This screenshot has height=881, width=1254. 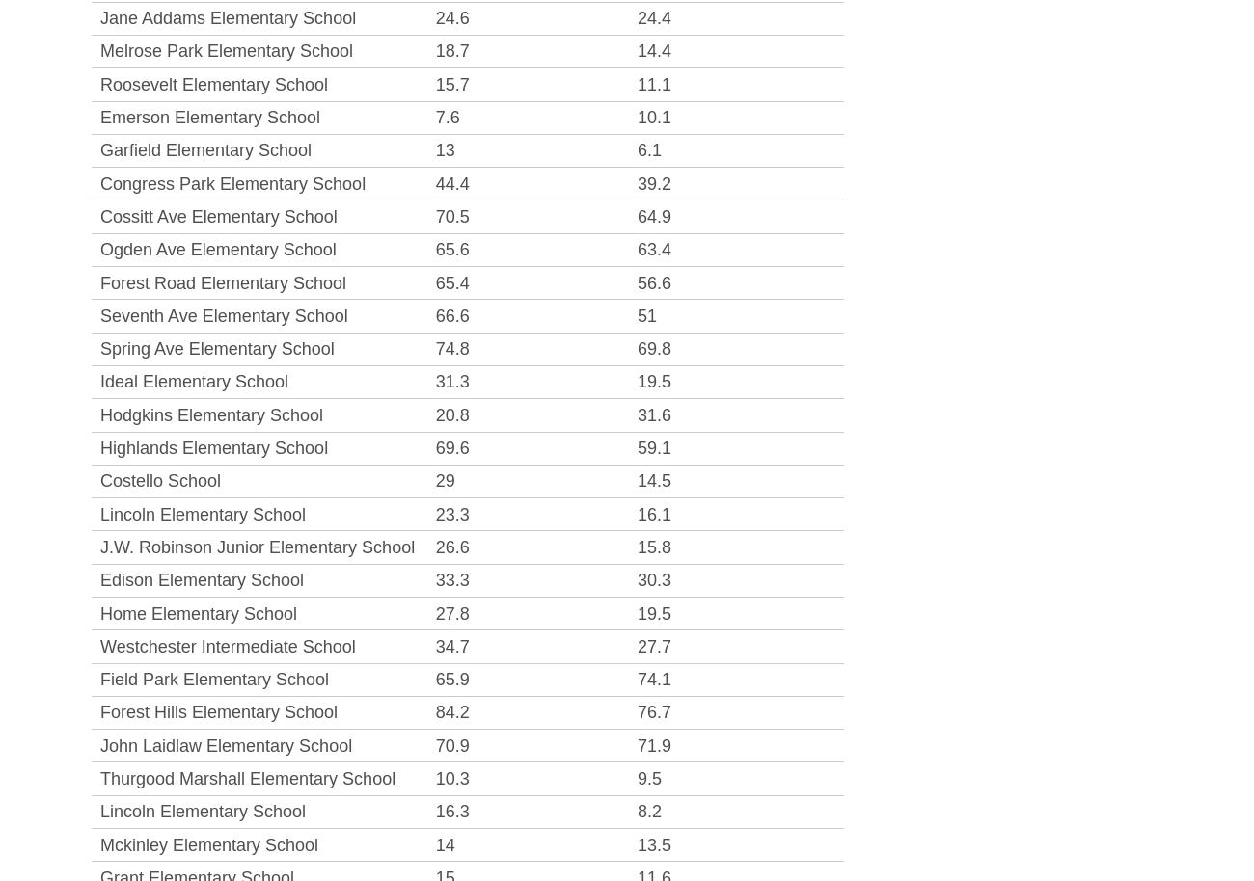 What do you see at coordinates (199, 611) in the screenshot?
I see `'Home Elementary School'` at bounding box center [199, 611].